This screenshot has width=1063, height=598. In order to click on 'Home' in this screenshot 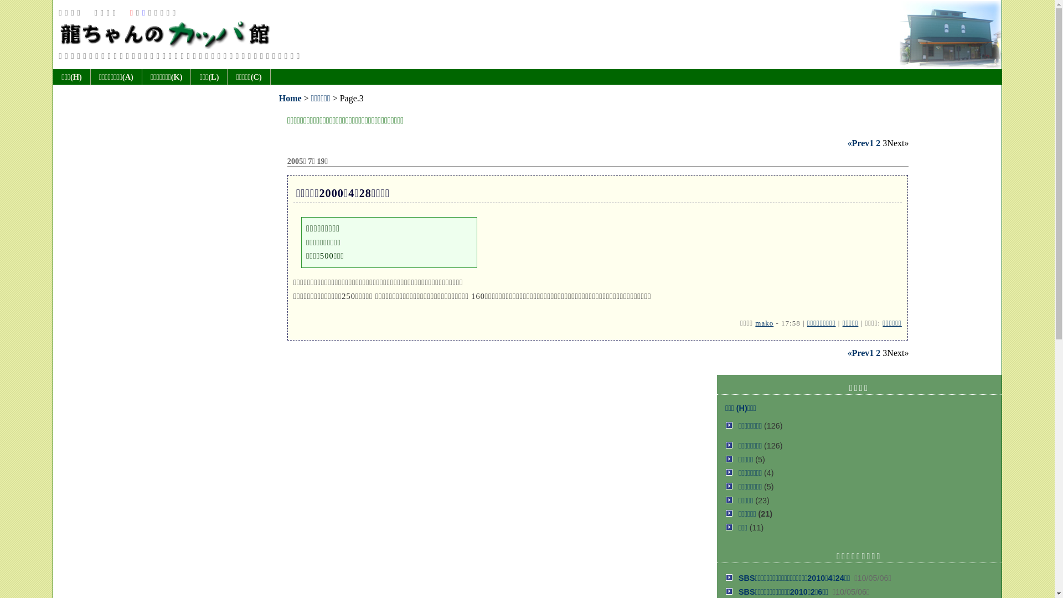, I will do `click(290, 97)`.